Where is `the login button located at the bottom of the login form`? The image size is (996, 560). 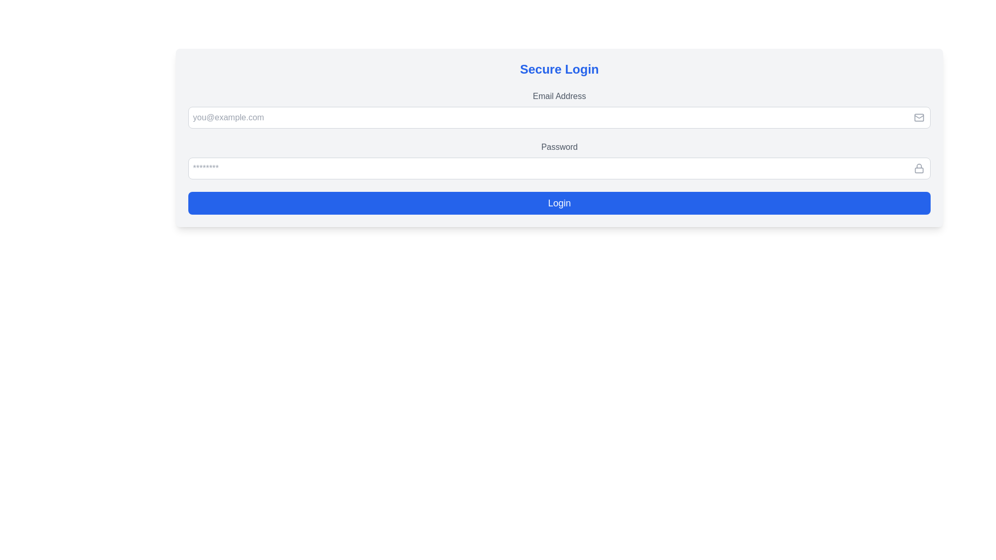 the login button located at the bottom of the login form is located at coordinates (559, 203).